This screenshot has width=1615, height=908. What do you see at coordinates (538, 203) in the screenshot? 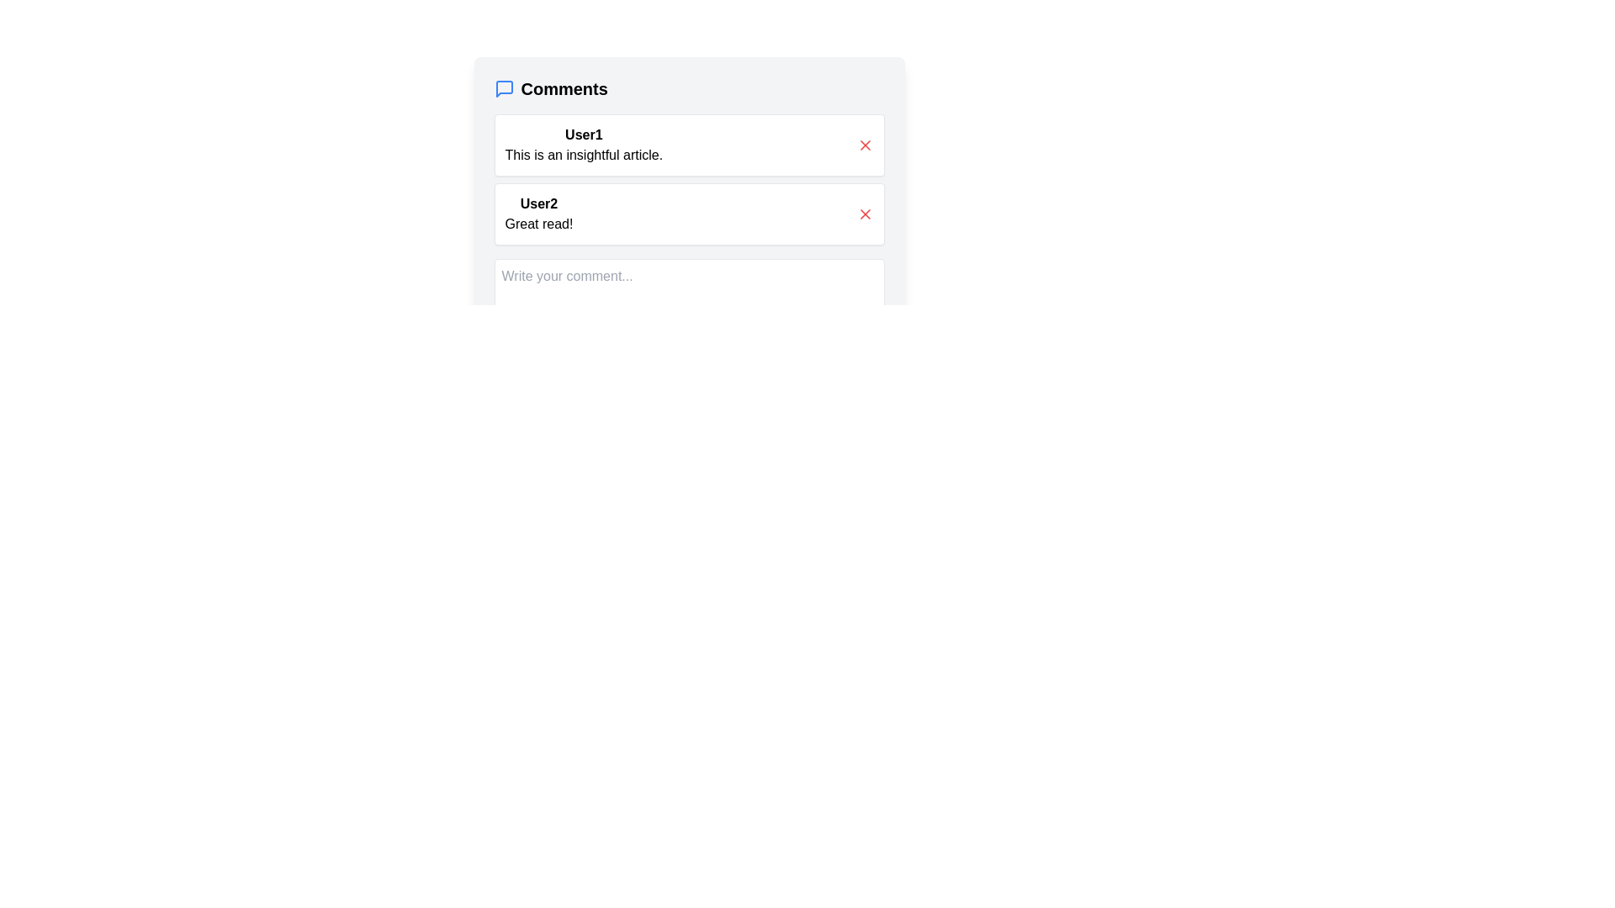
I see `the static text element that indicates the author of the comment, which is located above the comment text 'Great read!' and below the text input field` at bounding box center [538, 203].